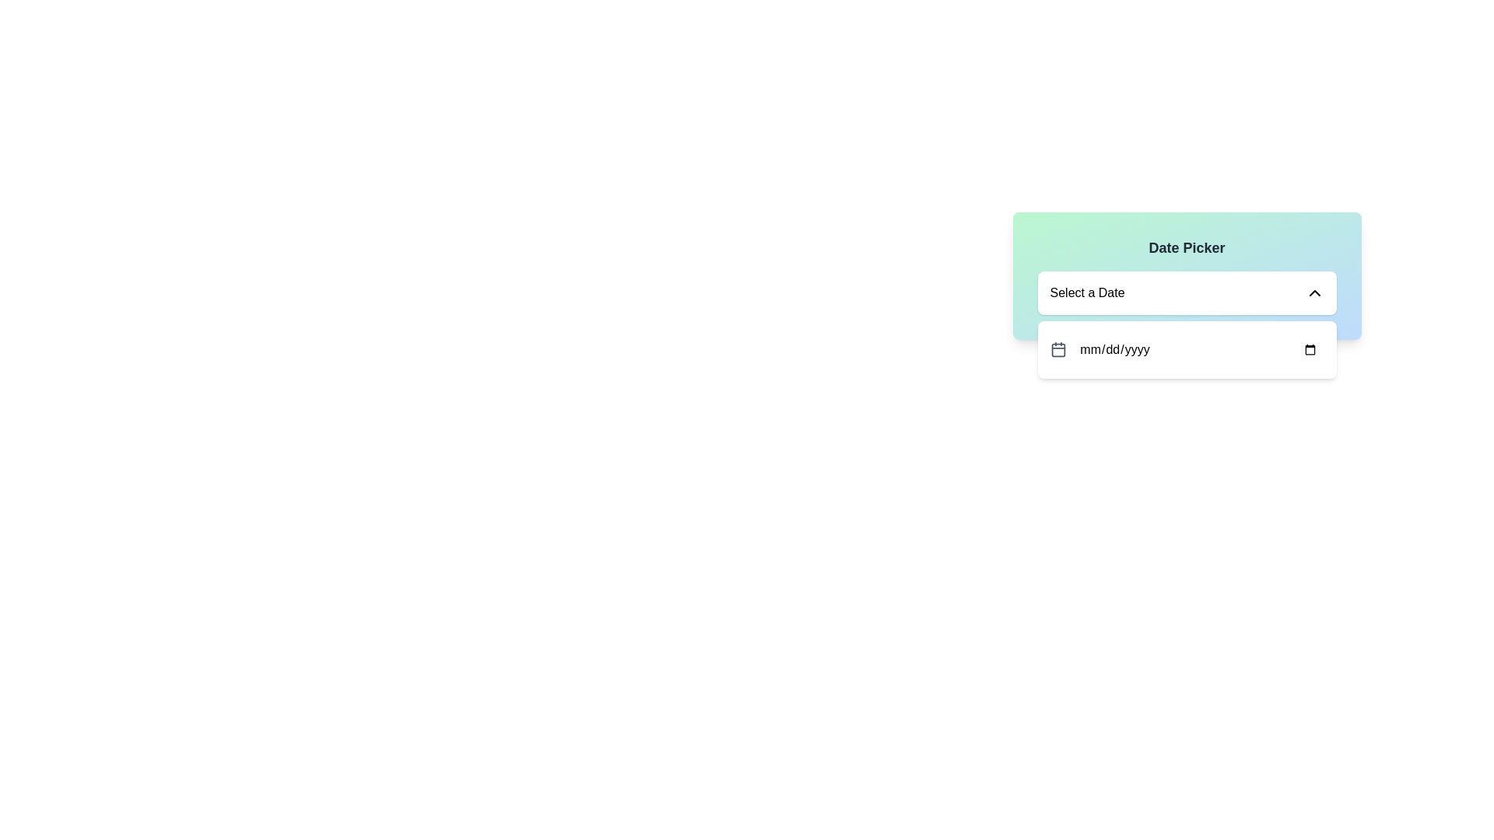 This screenshot has height=840, width=1494. I want to click on the date picker input by clicking the calendar icon located to the left of the 'mm/dd/yyyy' date input field, so click(1057, 350).